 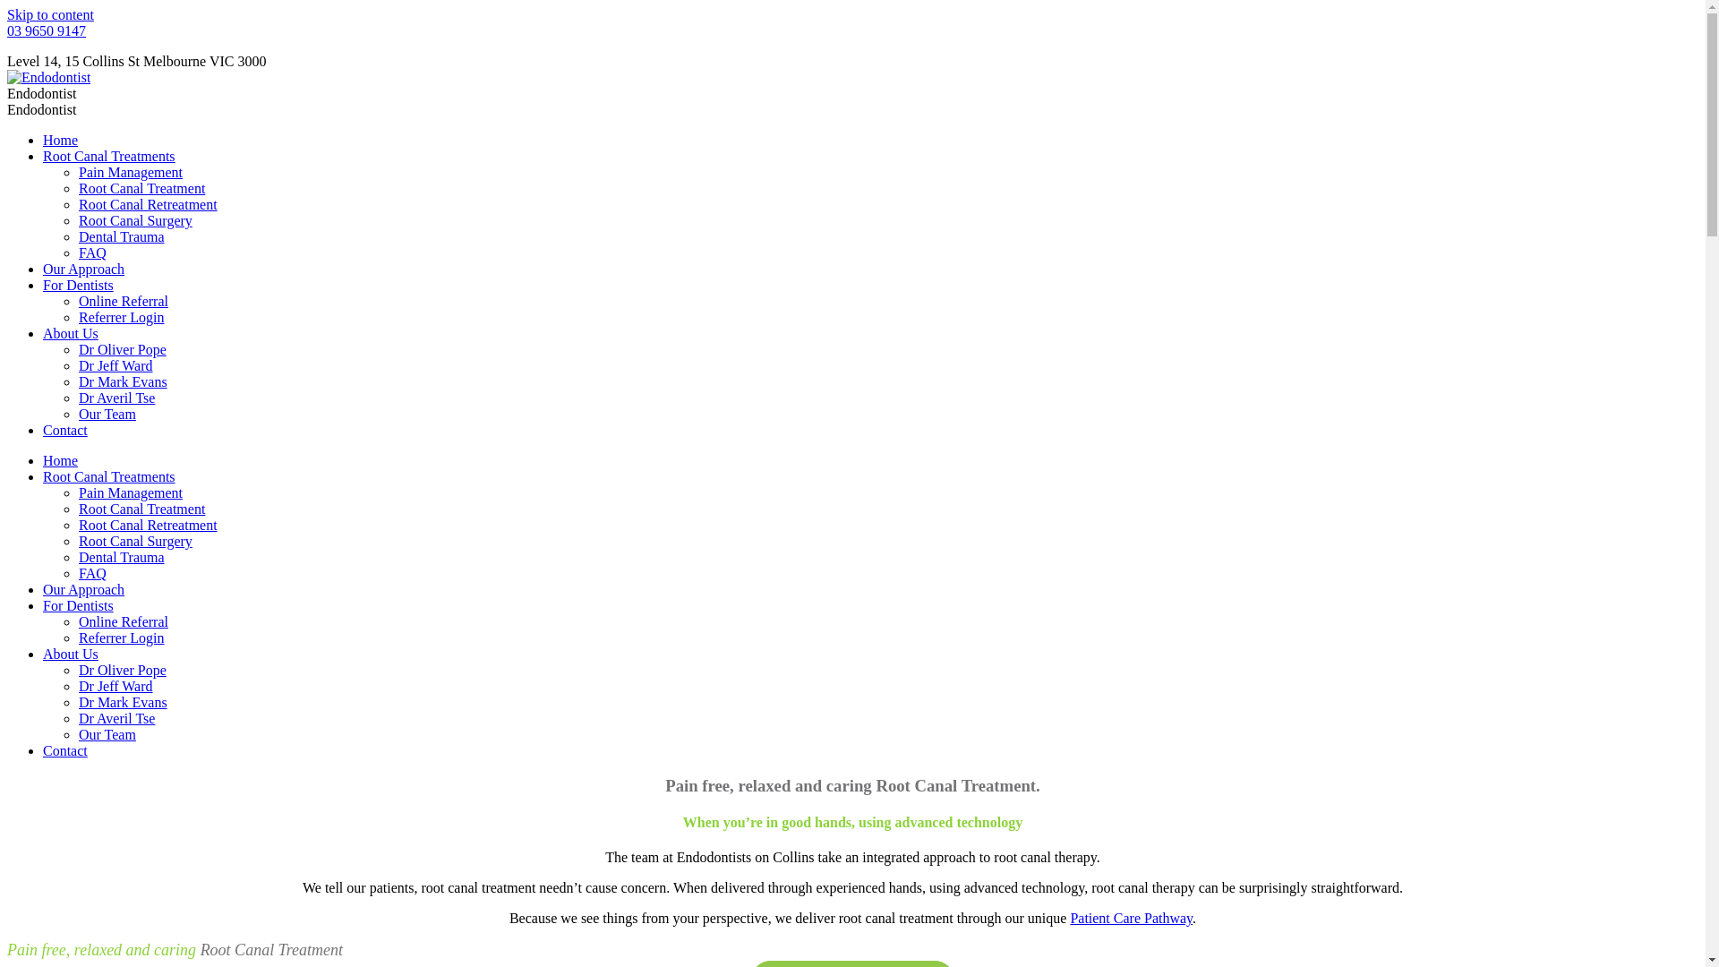 What do you see at coordinates (120, 556) in the screenshot?
I see `'Dental Trauma'` at bounding box center [120, 556].